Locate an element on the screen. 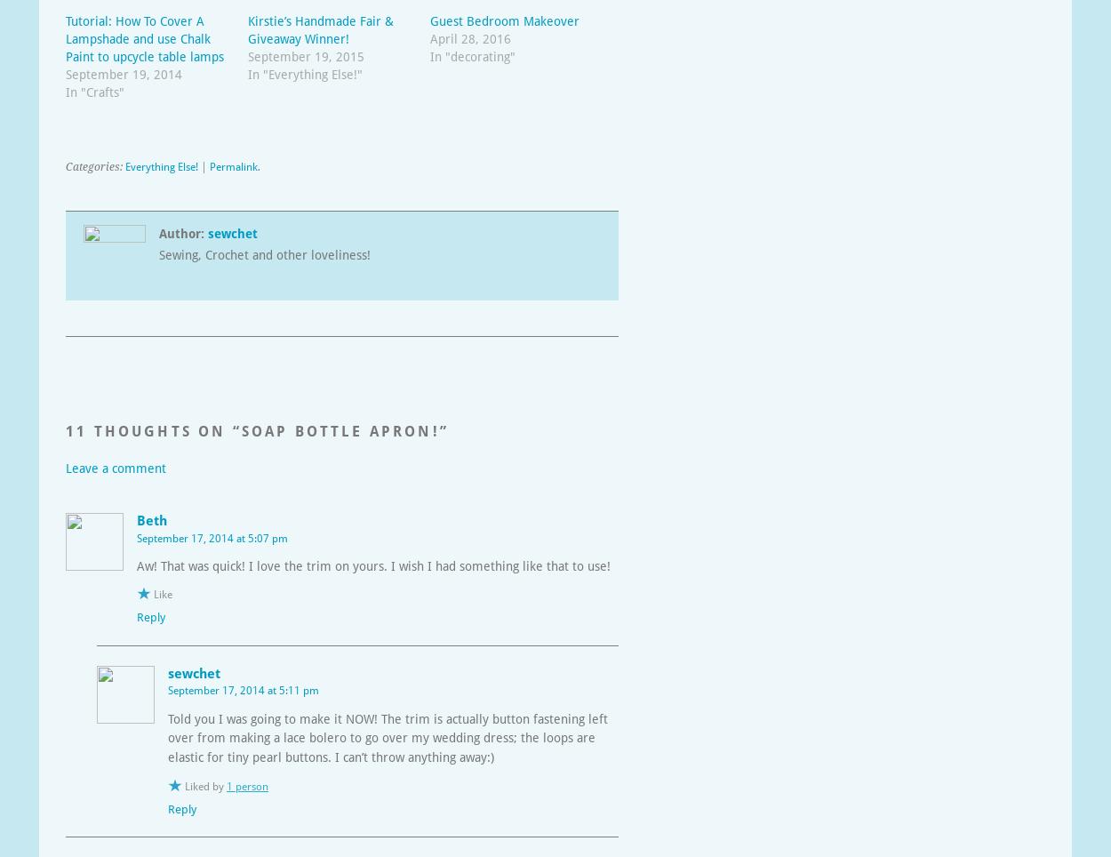 This screenshot has height=857, width=1111. 'Leave a comment' is located at coordinates (116, 469).